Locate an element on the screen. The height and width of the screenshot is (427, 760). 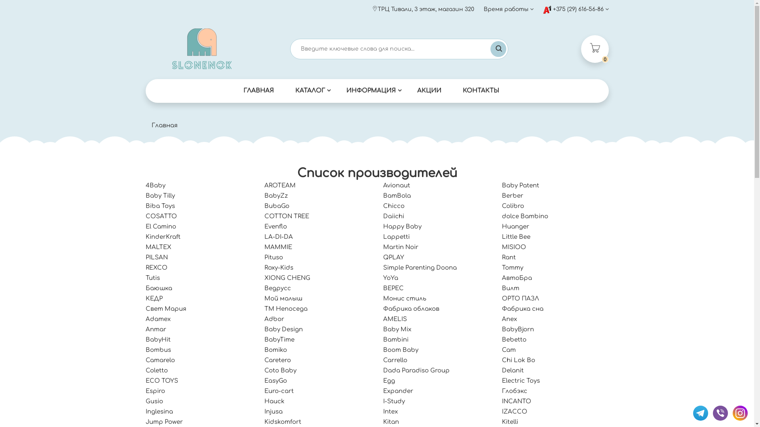
'Dada Paradiso Group' is located at coordinates (383, 370).